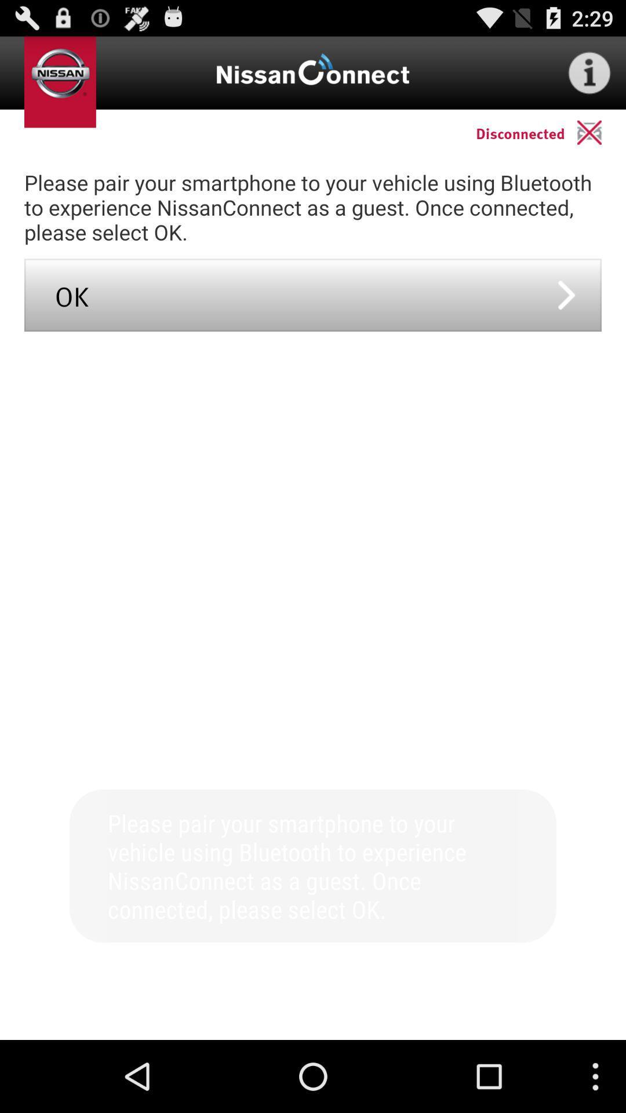  Describe the element at coordinates (589, 72) in the screenshot. I see `the icon above disconnected item` at that location.